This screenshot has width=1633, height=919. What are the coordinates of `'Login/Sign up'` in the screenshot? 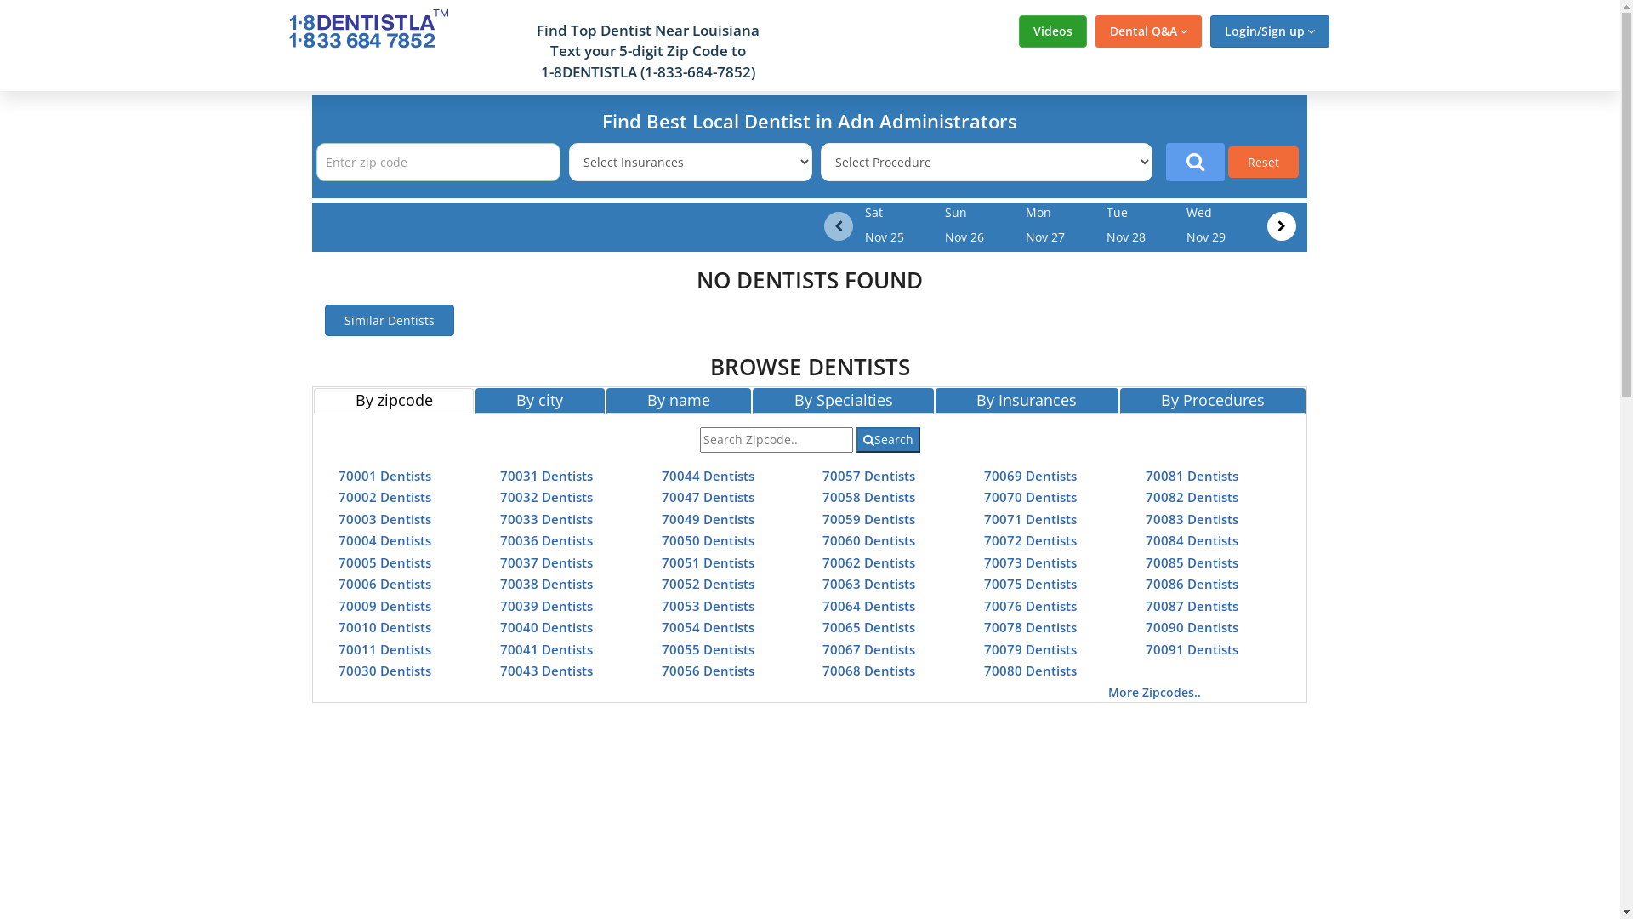 It's located at (1269, 31).